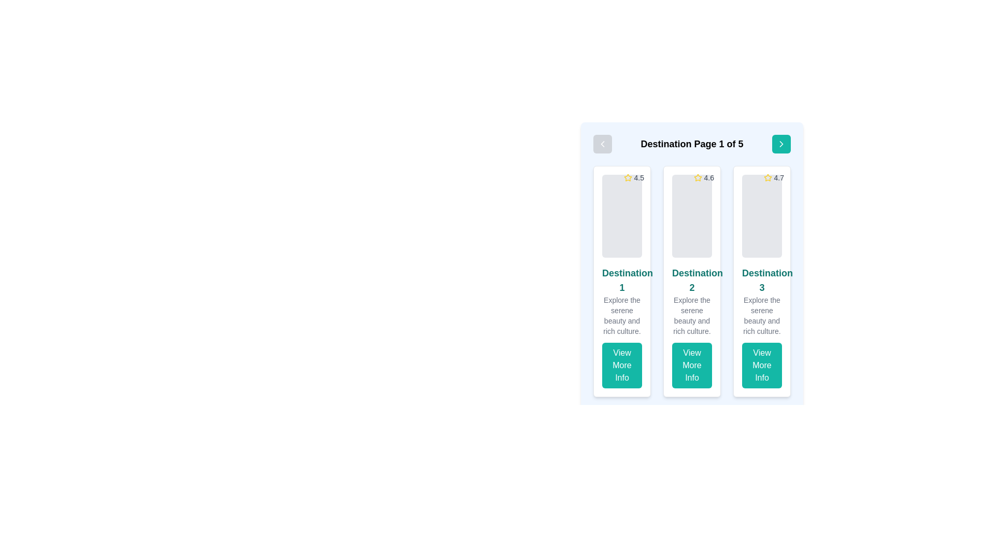 Image resolution: width=995 pixels, height=560 pixels. I want to click on the yellow star icon with a hollow interior and bold outline, located above the numeric rating label '4.7' on the third card in a horizontal list, so click(767, 177).